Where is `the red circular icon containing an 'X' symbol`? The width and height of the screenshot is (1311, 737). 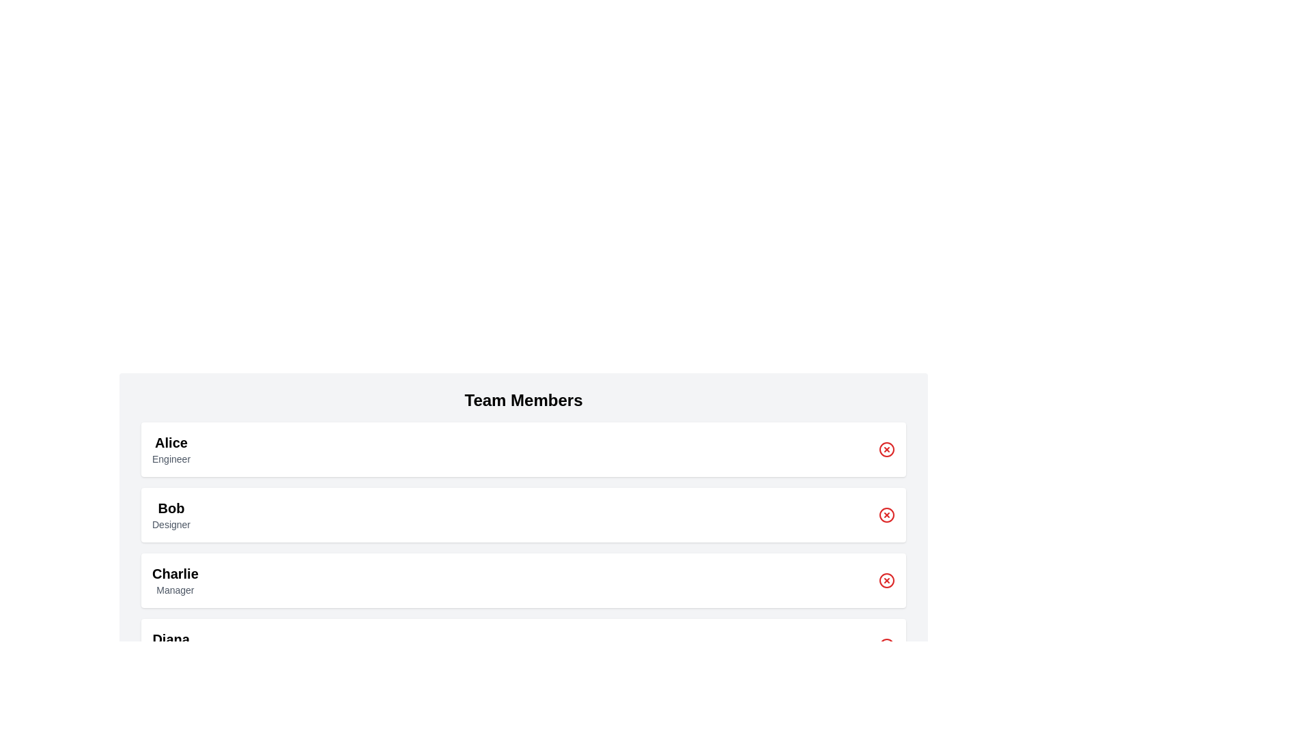
the red circular icon containing an 'X' symbol is located at coordinates (887, 515).